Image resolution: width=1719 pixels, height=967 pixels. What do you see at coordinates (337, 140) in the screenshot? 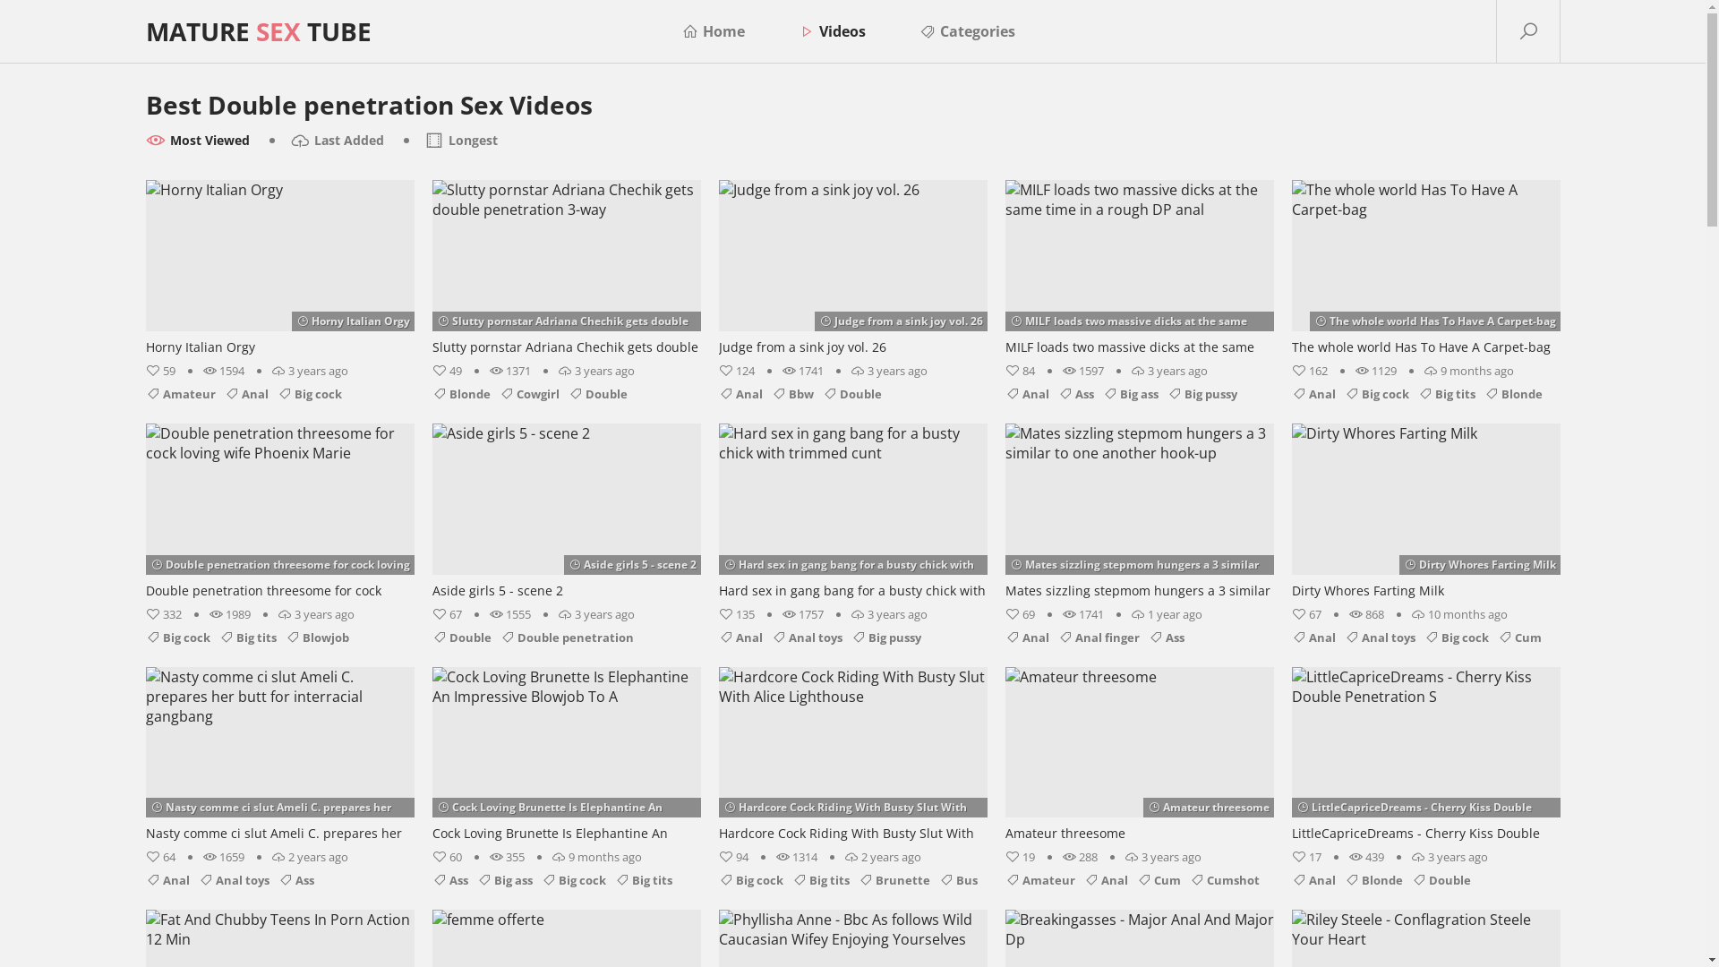
I see `'Last Added'` at bounding box center [337, 140].